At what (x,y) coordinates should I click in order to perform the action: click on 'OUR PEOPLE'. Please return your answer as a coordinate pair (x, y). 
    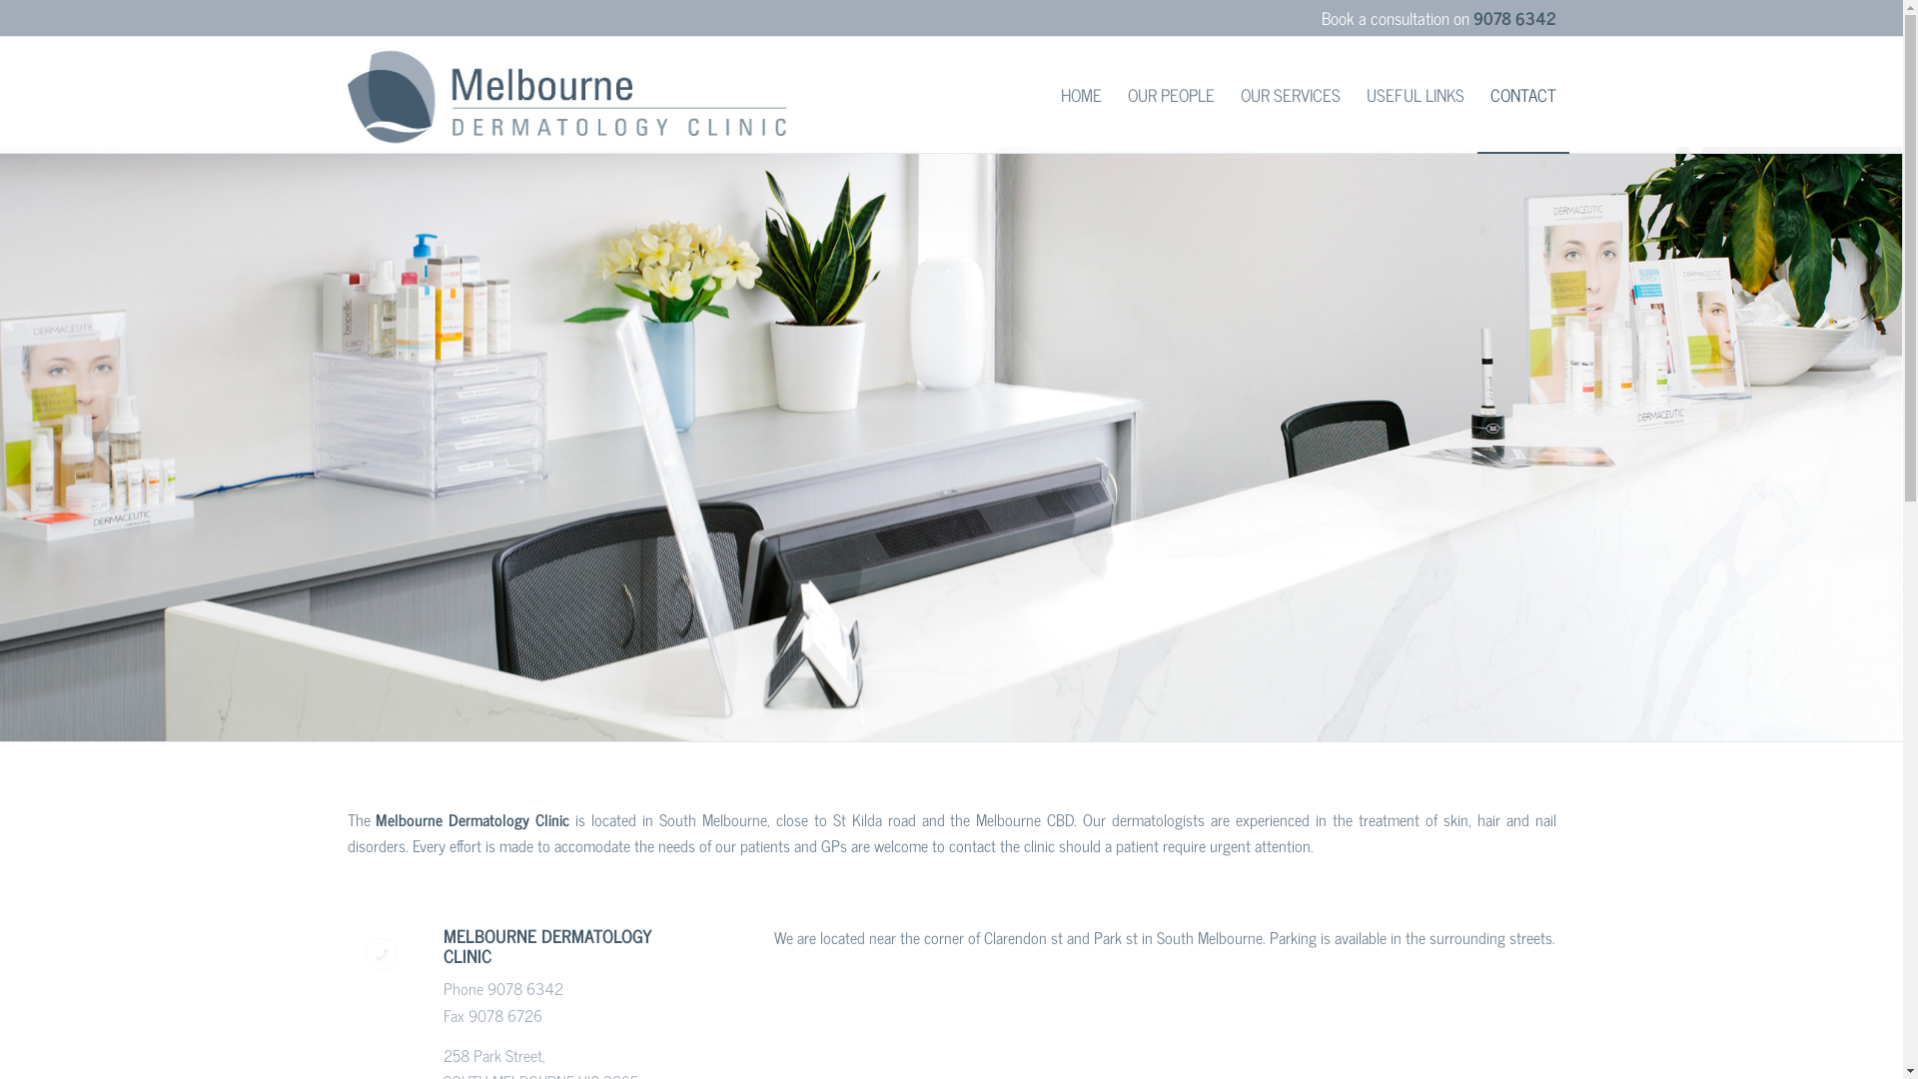
    Looking at the image, I should click on (1171, 95).